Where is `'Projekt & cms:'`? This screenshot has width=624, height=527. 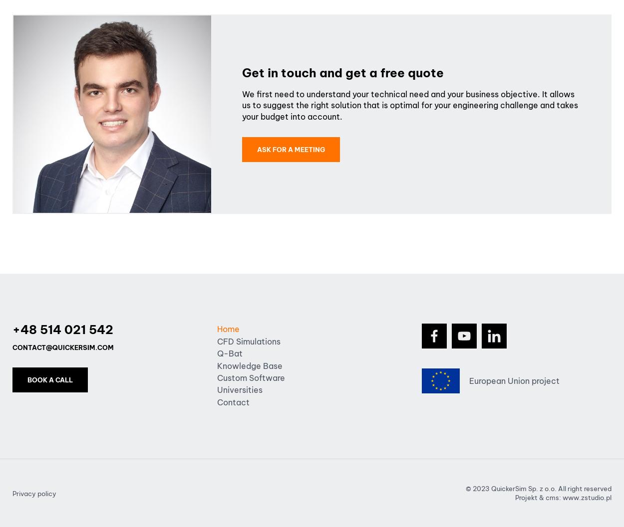 'Projekt & cms:' is located at coordinates (538, 497).